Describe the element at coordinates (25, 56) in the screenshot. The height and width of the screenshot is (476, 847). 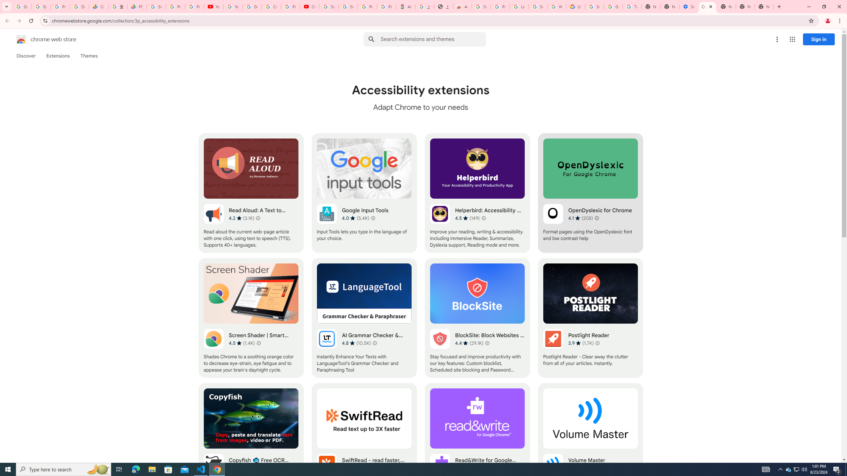
I see `'Discover'` at that location.